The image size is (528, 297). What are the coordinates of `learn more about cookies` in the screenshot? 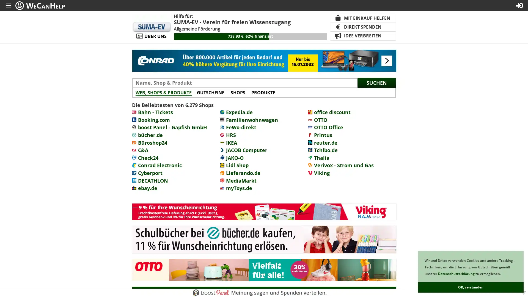 It's located at (502, 274).